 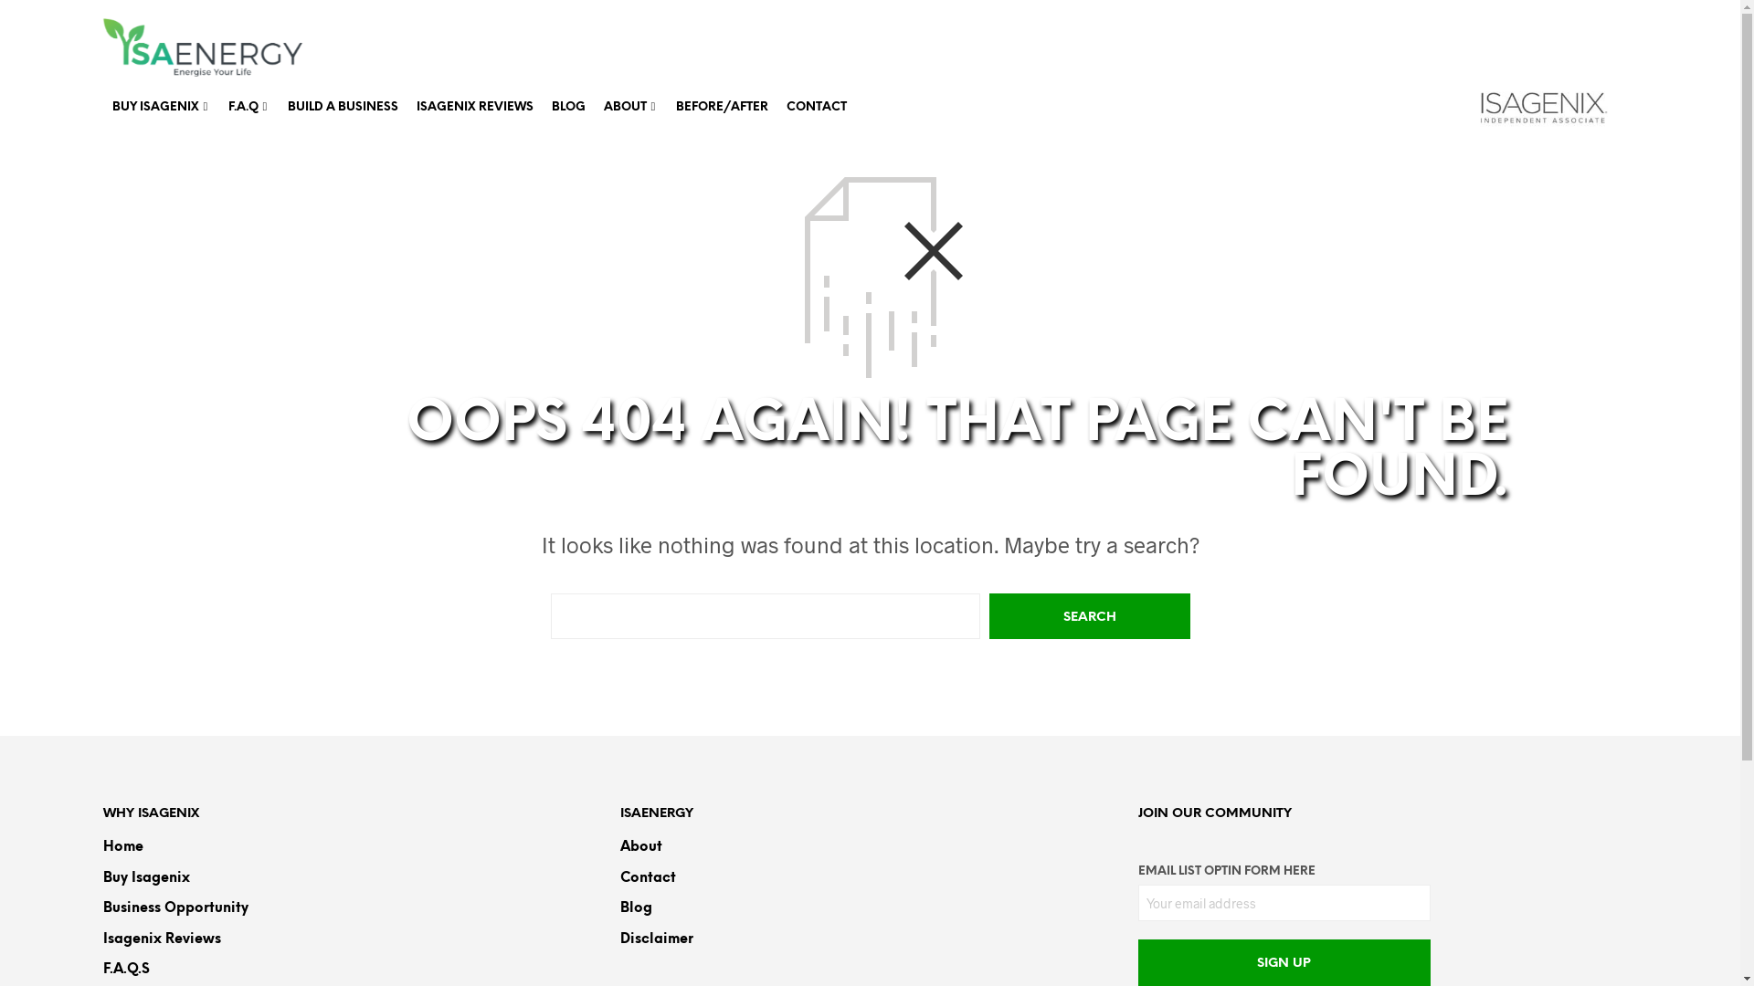 What do you see at coordinates (161, 939) in the screenshot?
I see `'Isagenix Reviews'` at bounding box center [161, 939].